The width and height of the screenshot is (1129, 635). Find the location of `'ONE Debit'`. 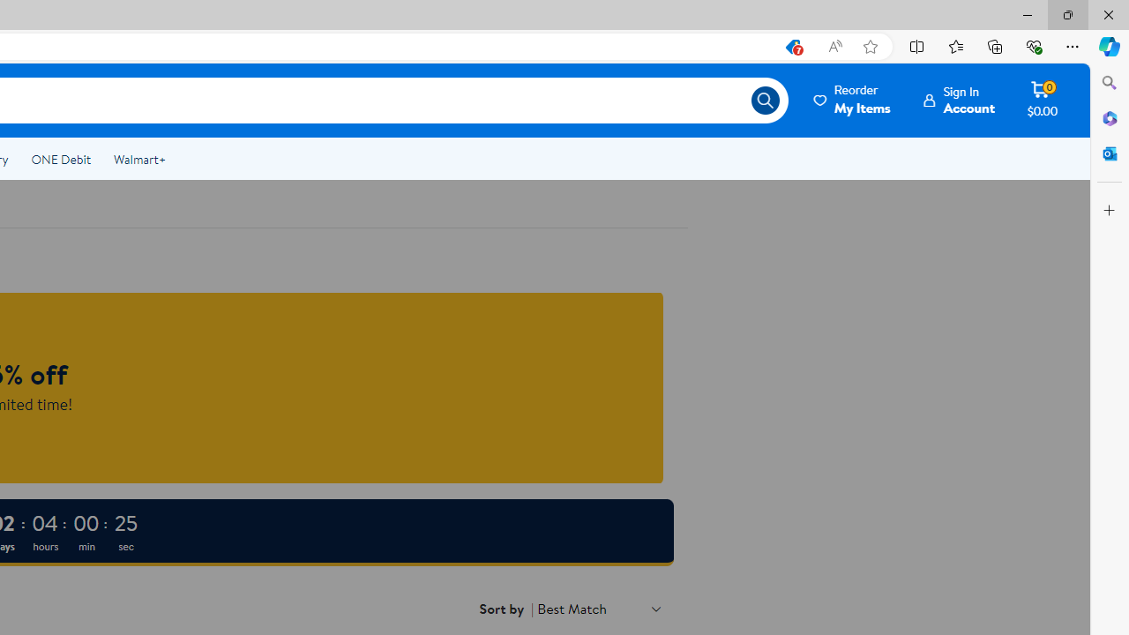

'ONE Debit' is located at coordinates (61, 160).